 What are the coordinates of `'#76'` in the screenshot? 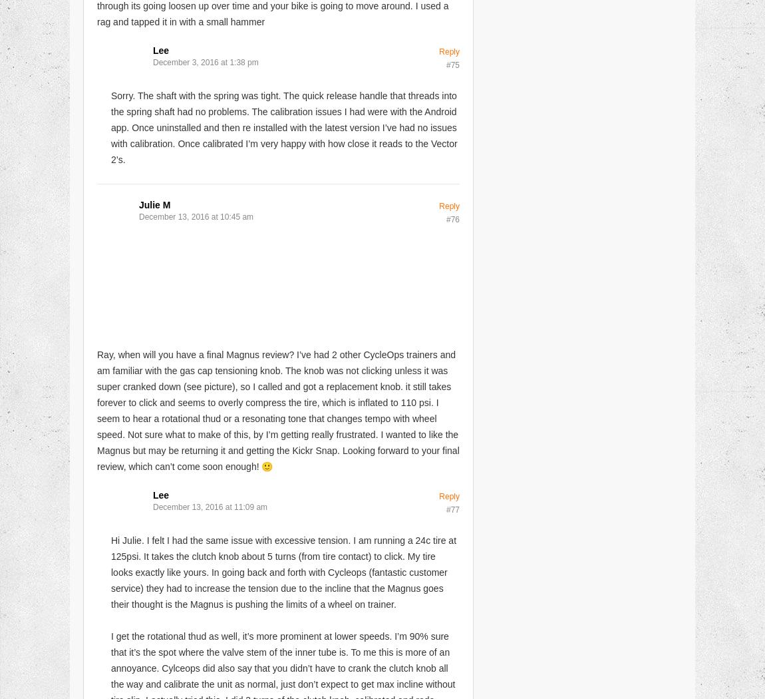 It's located at (452, 218).